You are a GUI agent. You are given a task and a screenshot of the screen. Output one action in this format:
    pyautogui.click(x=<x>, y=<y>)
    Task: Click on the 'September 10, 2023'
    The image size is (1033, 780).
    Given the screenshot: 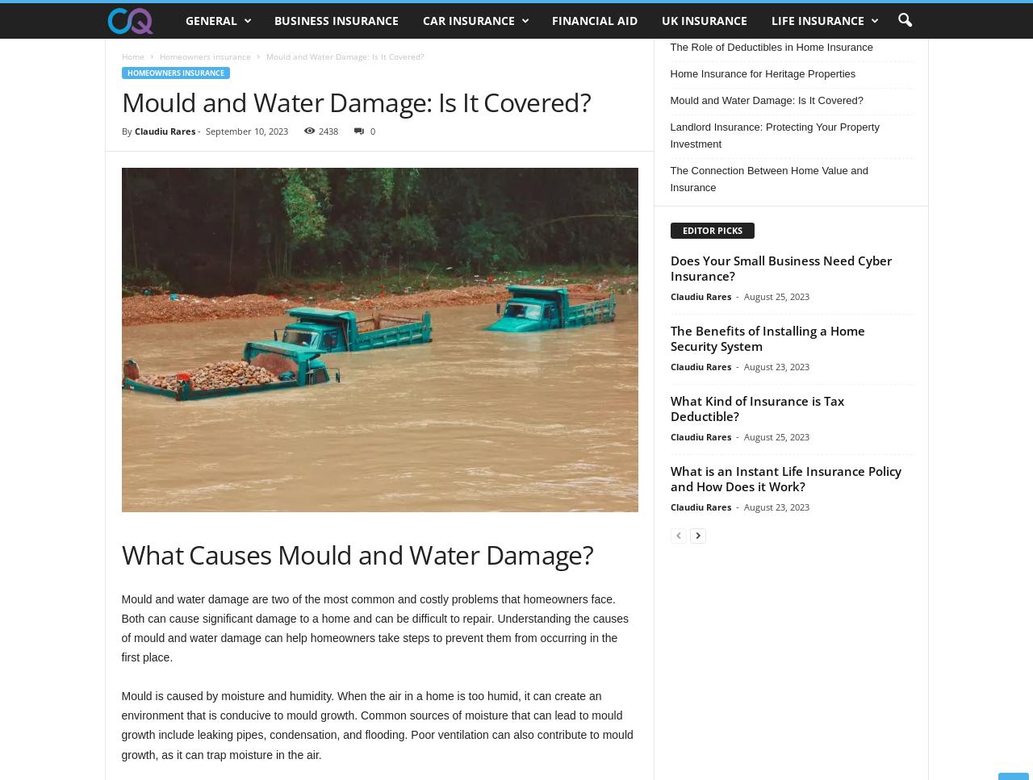 What is the action you would take?
    pyautogui.click(x=245, y=131)
    